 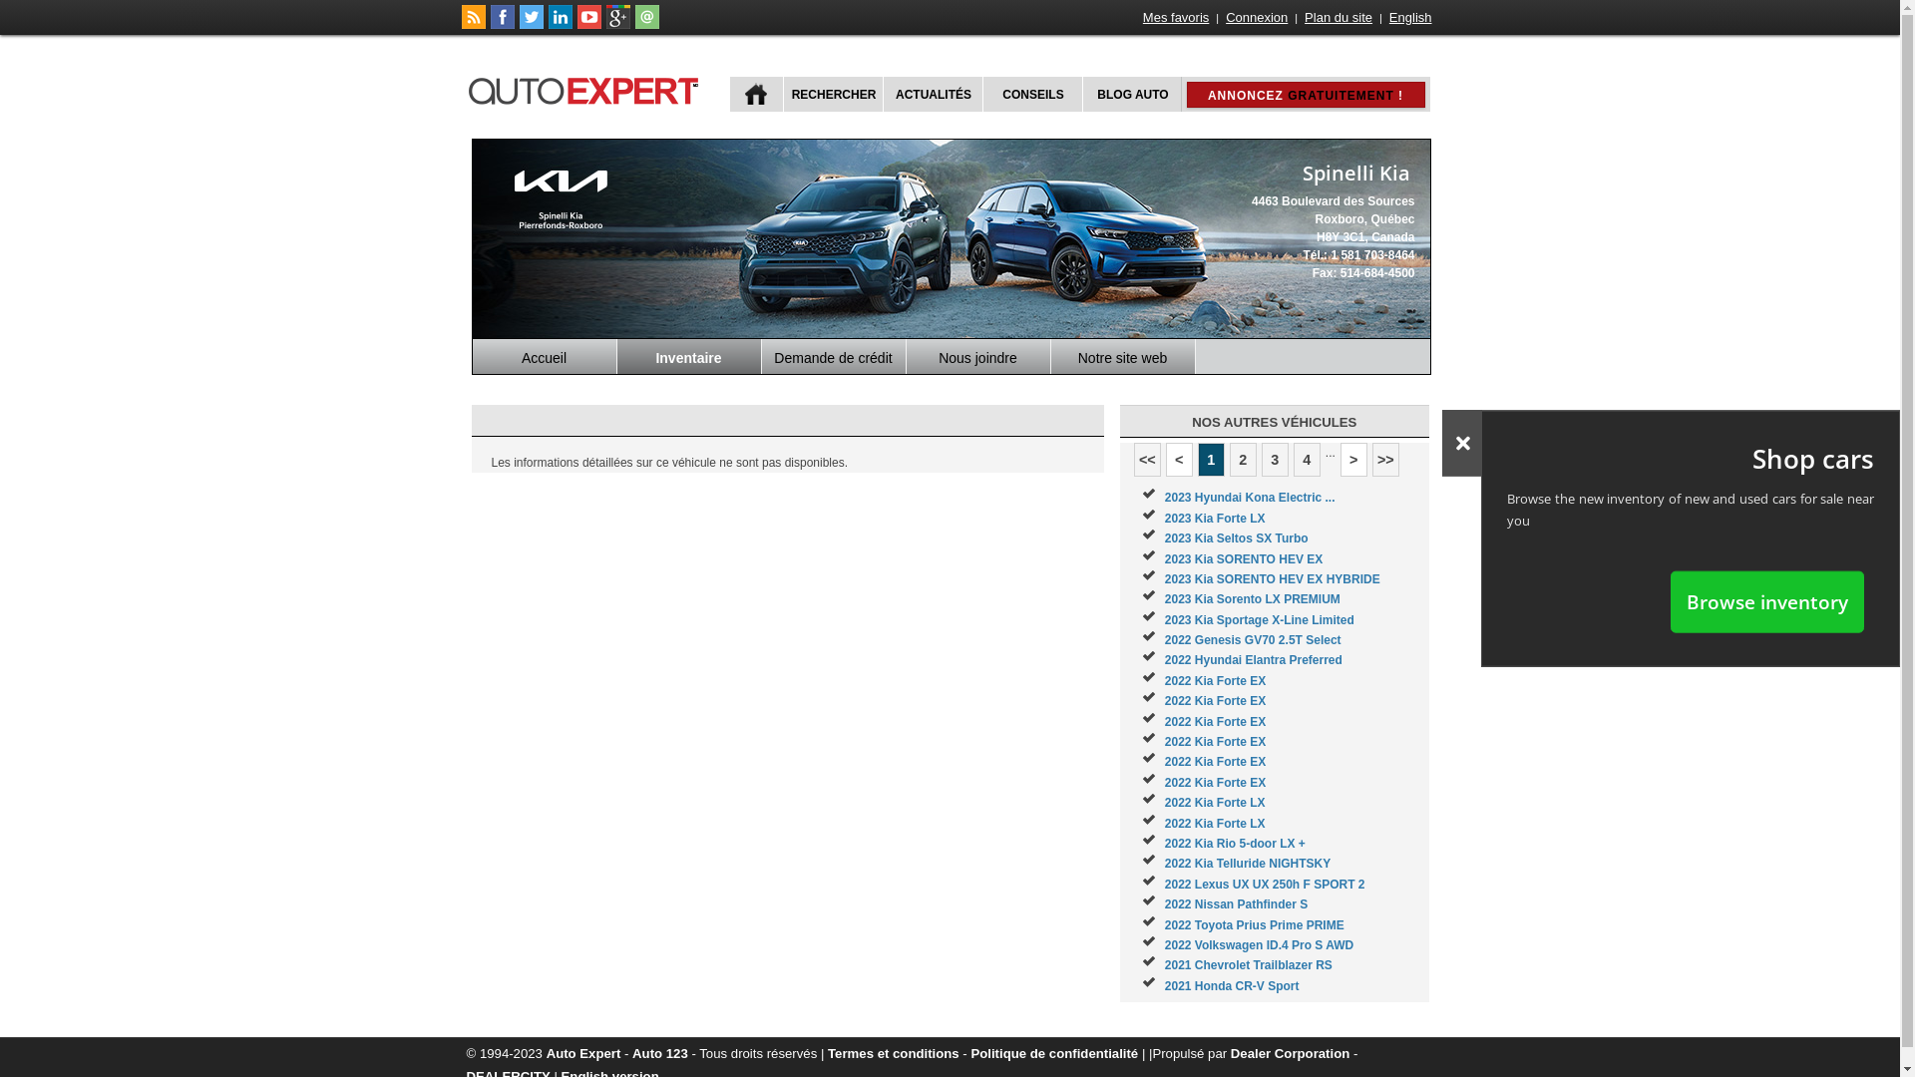 I want to click on 'Suivez autoExpert.ca sur Youtube', so click(x=587, y=24).